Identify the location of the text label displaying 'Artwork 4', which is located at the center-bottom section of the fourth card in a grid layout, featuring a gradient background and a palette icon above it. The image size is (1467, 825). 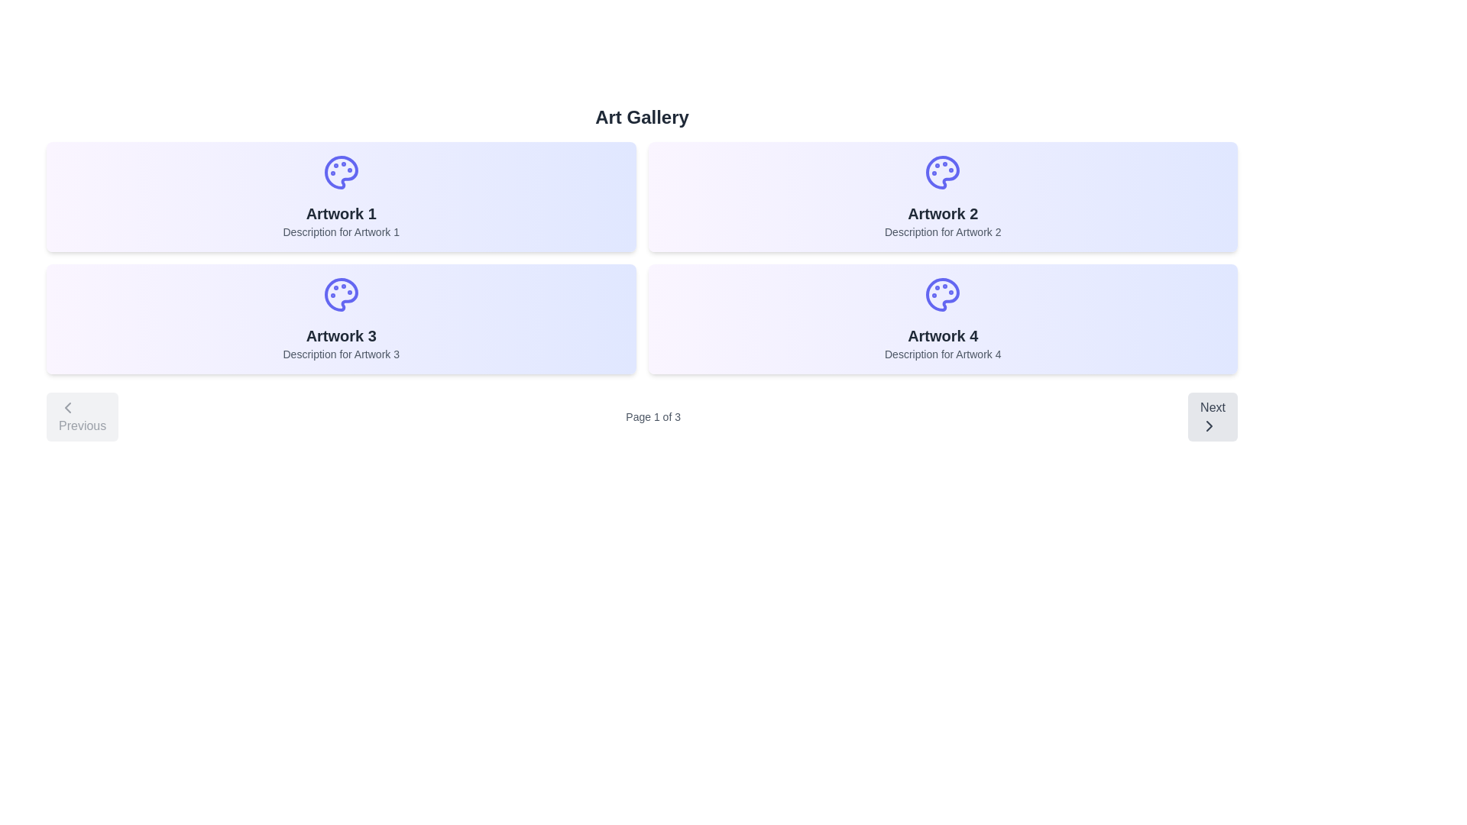
(942, 335).